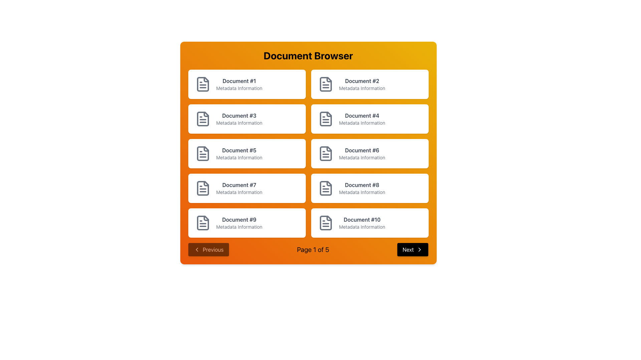 The width and height of the screenshot is (641, 360). What do you see at coordinates (239, 88) in the screenshot?
I see `text label 'Metadata Information' located below the header 'Document #1' in the first card of the left column` at bounding box center [239, 88].